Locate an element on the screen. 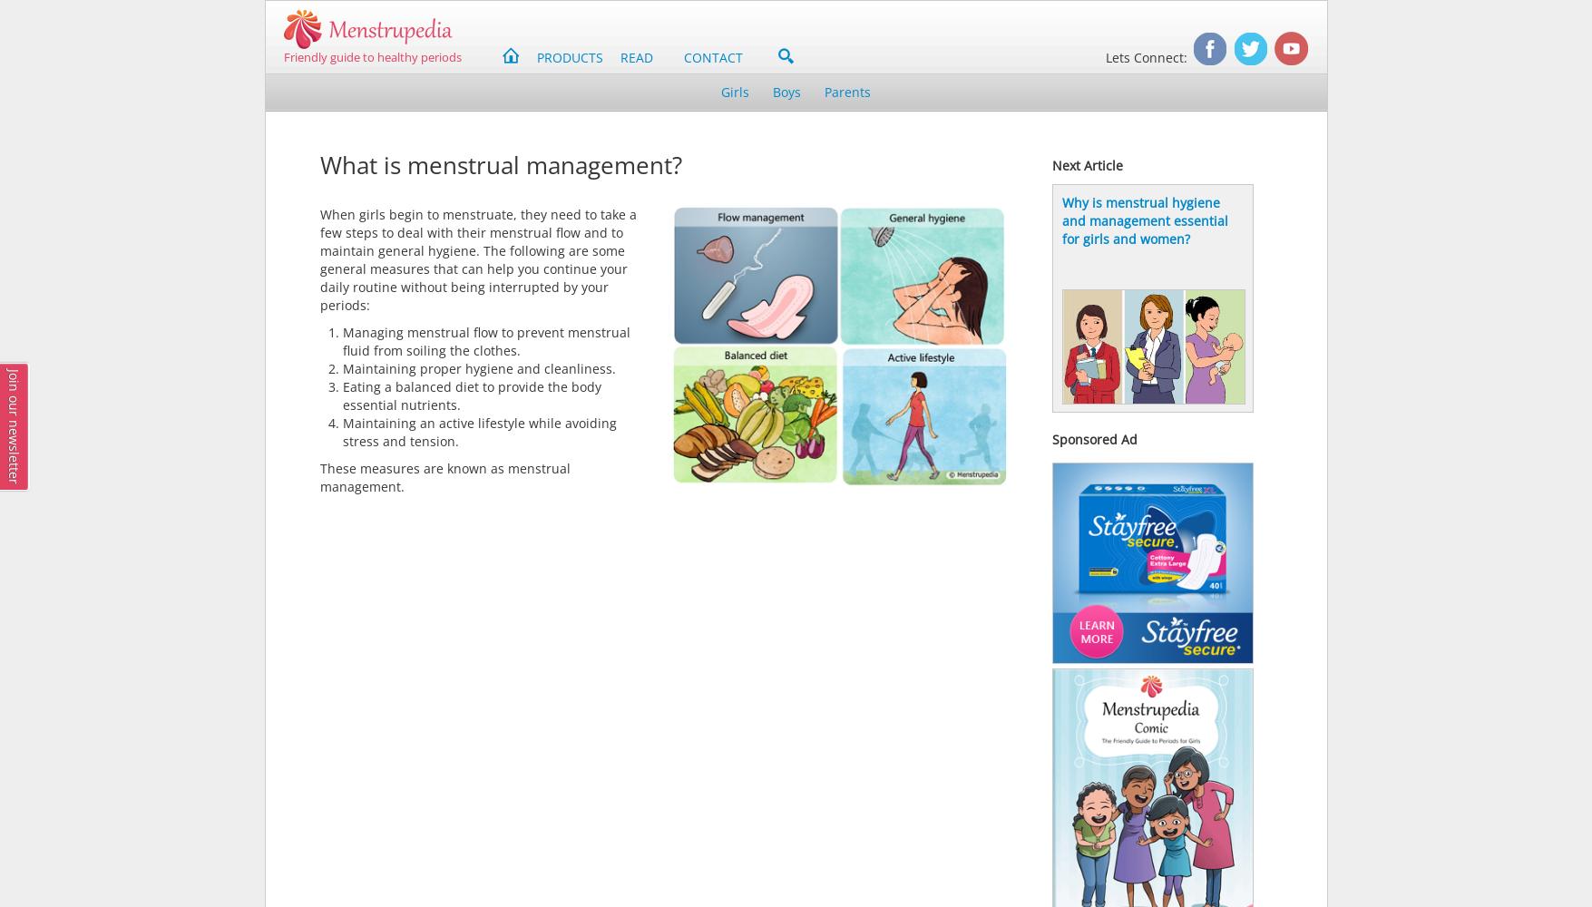 This screenshot has height=907, width=1592. 'READ' is located at coordinates (634, 56).